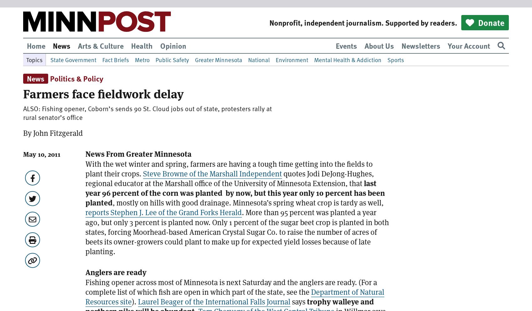 Image resolution: width=532 pixels, height=311 pixels. Describe the element at coordinates (135, 301) in the screenshot. I see `').'` at that location.